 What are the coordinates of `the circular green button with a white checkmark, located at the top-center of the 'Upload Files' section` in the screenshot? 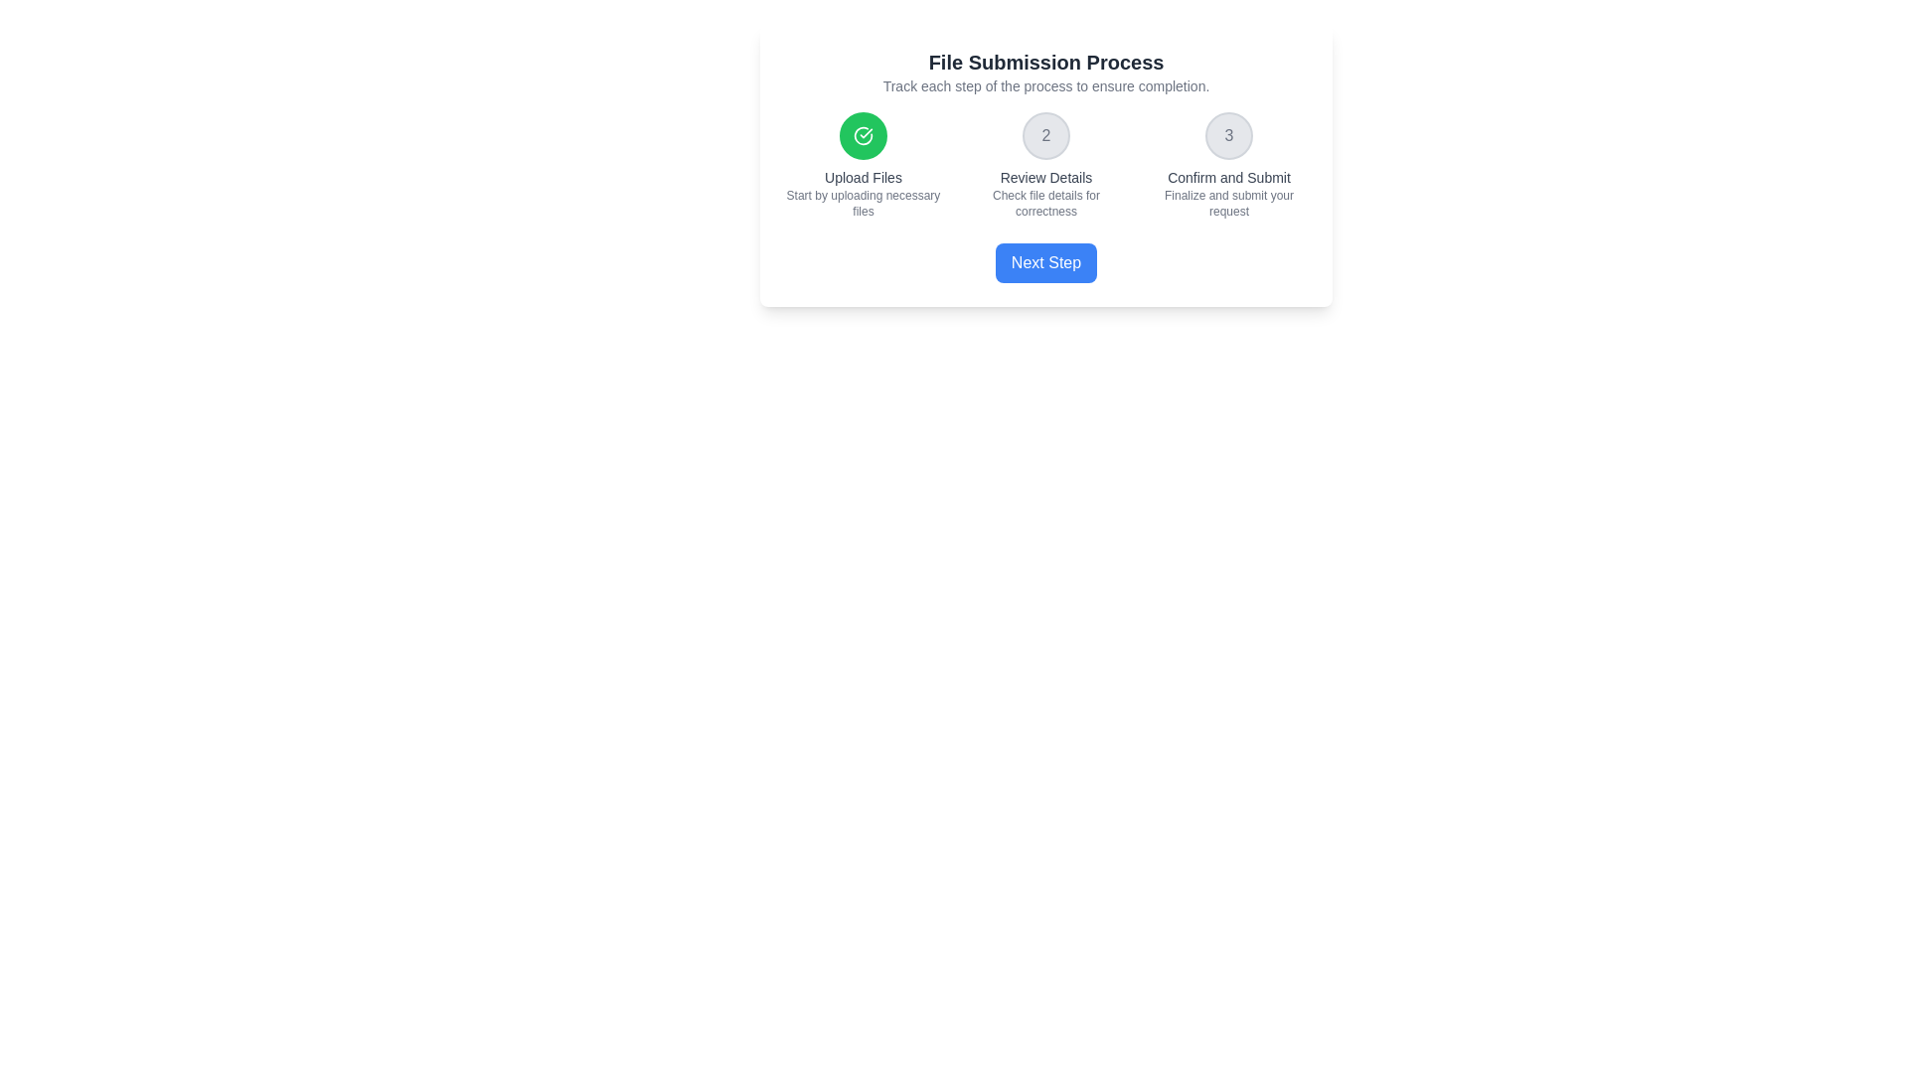 It's located at (863, 135).